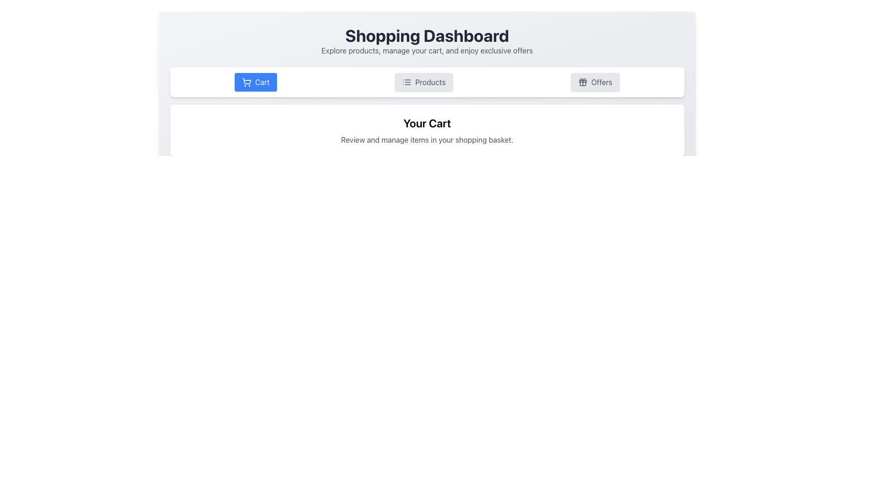 Image resolution: width=894 pixels, height=502 pixels. What do you see at coordinates (582, 82) in the screenshot?
I see `the gift icon that is part of the 'Offers' button in the header navigation bar` at bounding box center [582, 82].